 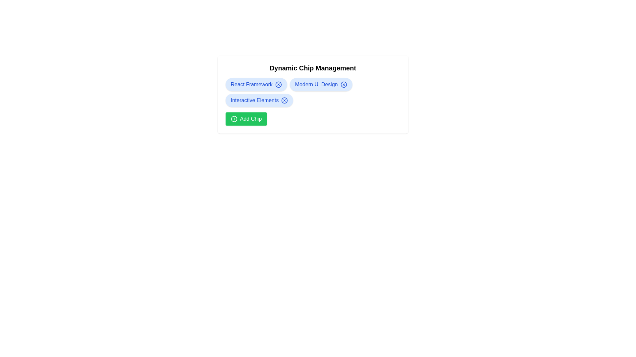 What do you see at coordinates (256, 84) in the screenshot?
I see `the chip labeled React Framework to view its hover state` at bounding box center [256, 84].